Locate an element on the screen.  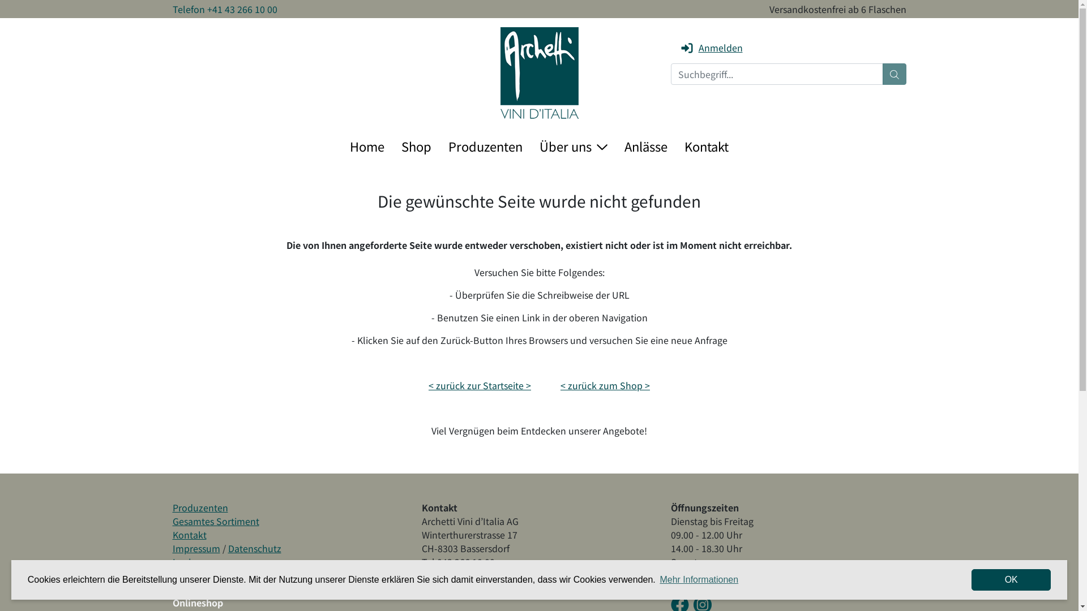
'Mehr Informationen' is located at coordinates (698, 580).